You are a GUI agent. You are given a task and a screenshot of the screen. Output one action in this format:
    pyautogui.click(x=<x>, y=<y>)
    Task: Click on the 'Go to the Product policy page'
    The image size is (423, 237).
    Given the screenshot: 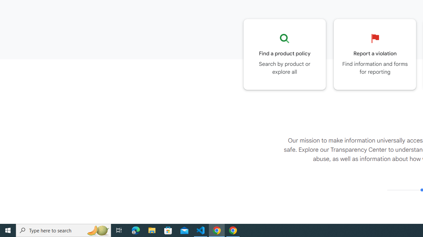 What is the action you would take?
    pyautogui.click(x=285, y=54)
    